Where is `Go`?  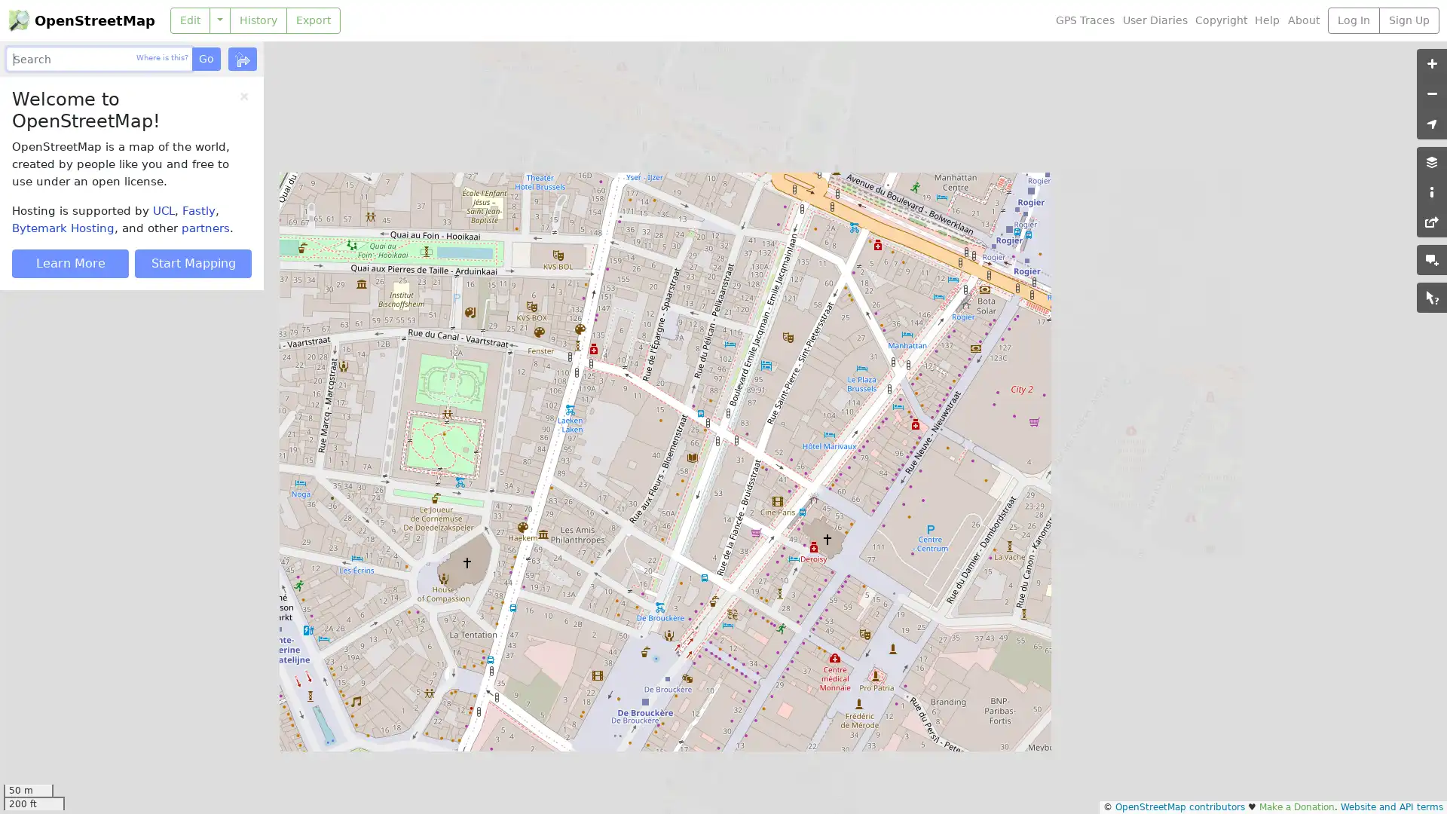 Go is located at coordinates (205, 58).